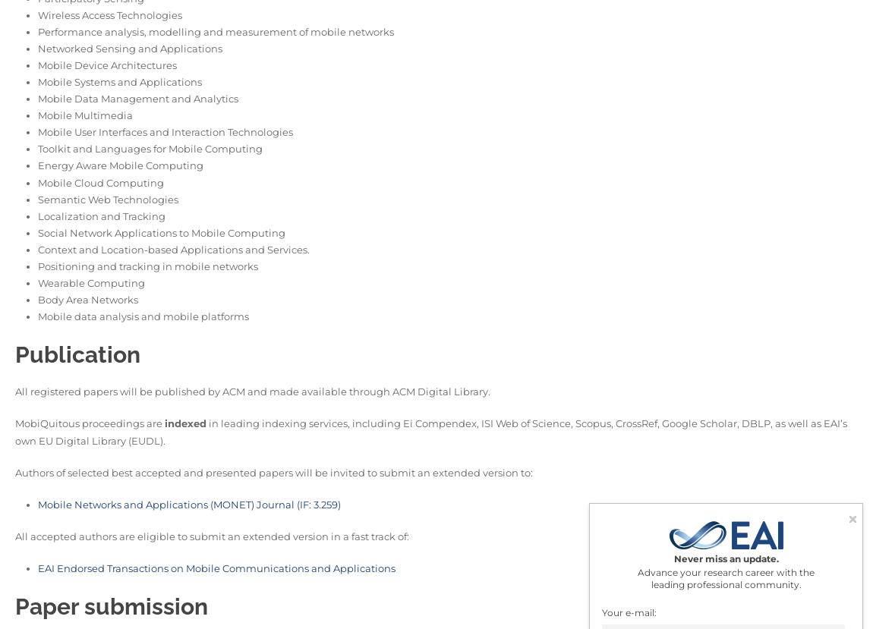  I want to click on 'Mobile Cloud Computing', so click(37, 181).